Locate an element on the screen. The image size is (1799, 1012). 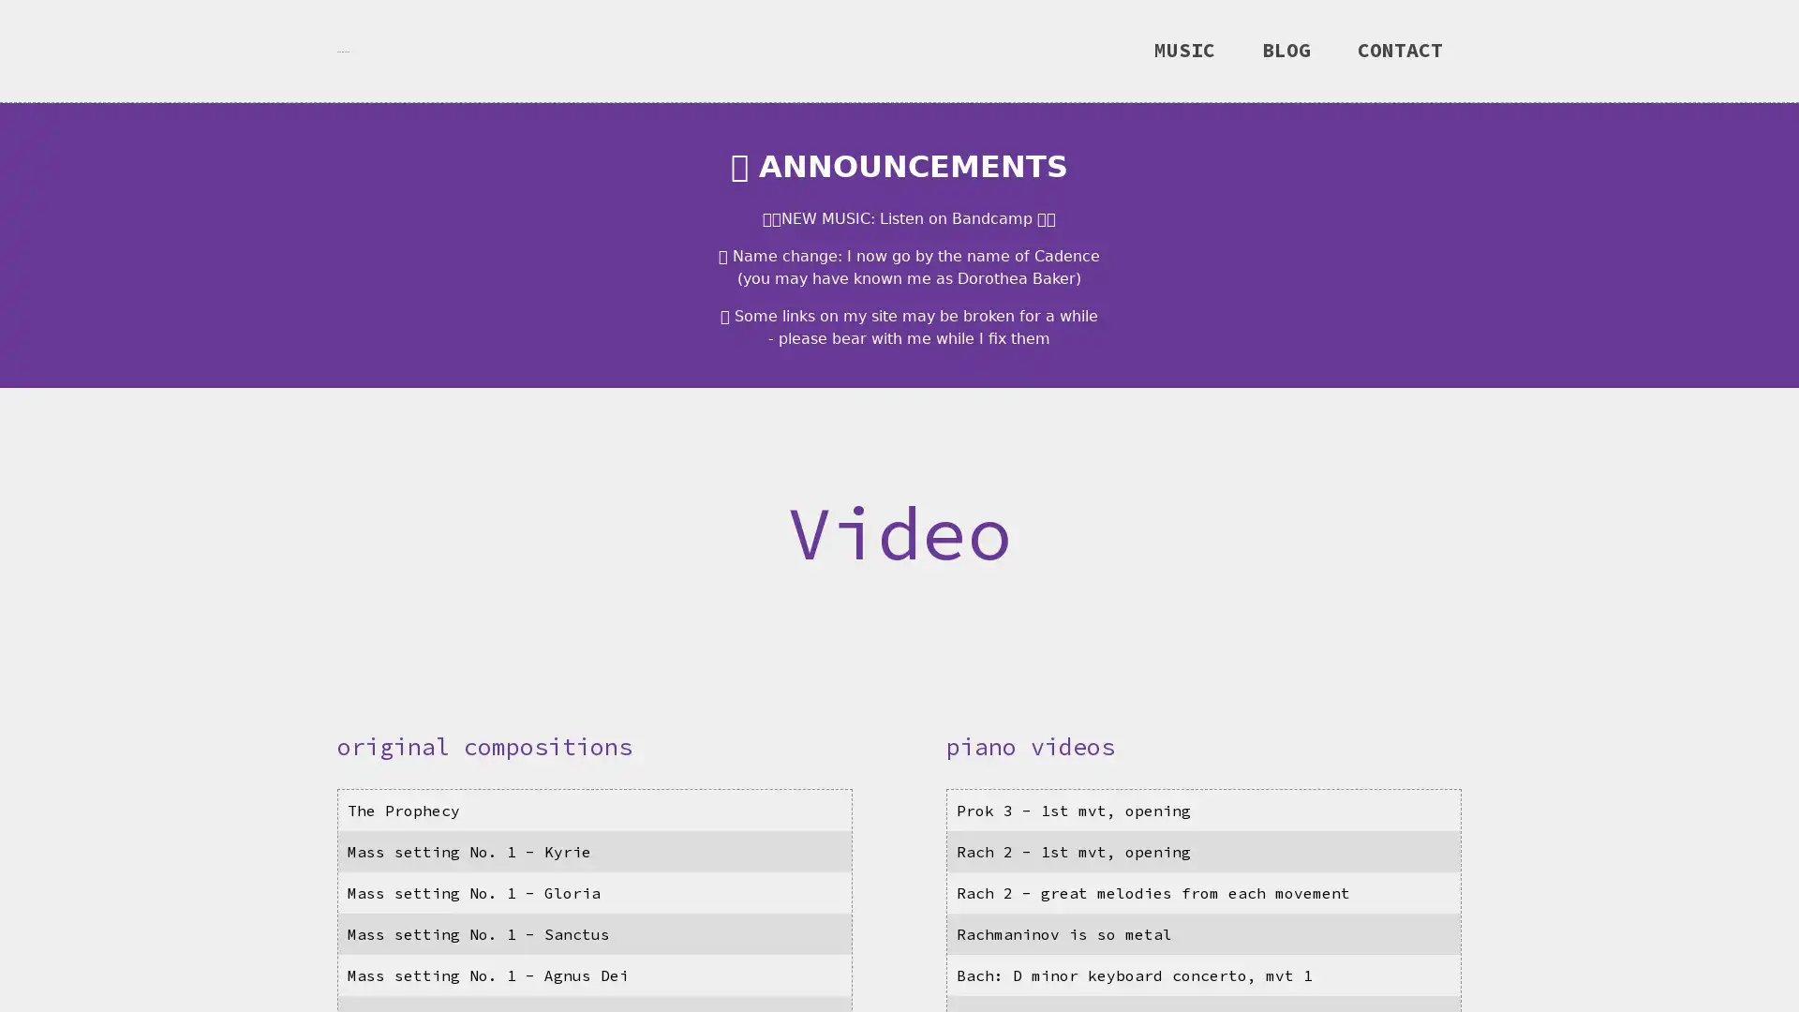
video: Rach 2 - 1st mvt, opening is located at coordinates (1204, 850).